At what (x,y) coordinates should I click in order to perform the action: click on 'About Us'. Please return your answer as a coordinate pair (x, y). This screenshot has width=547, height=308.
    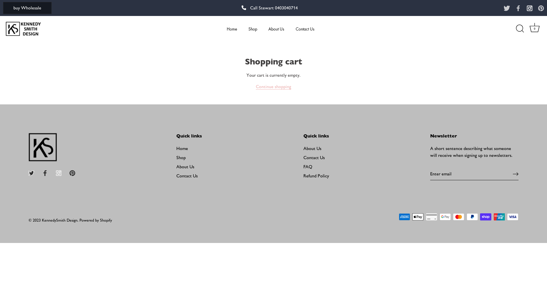
    Looking at the image, I should click on (276, 29).